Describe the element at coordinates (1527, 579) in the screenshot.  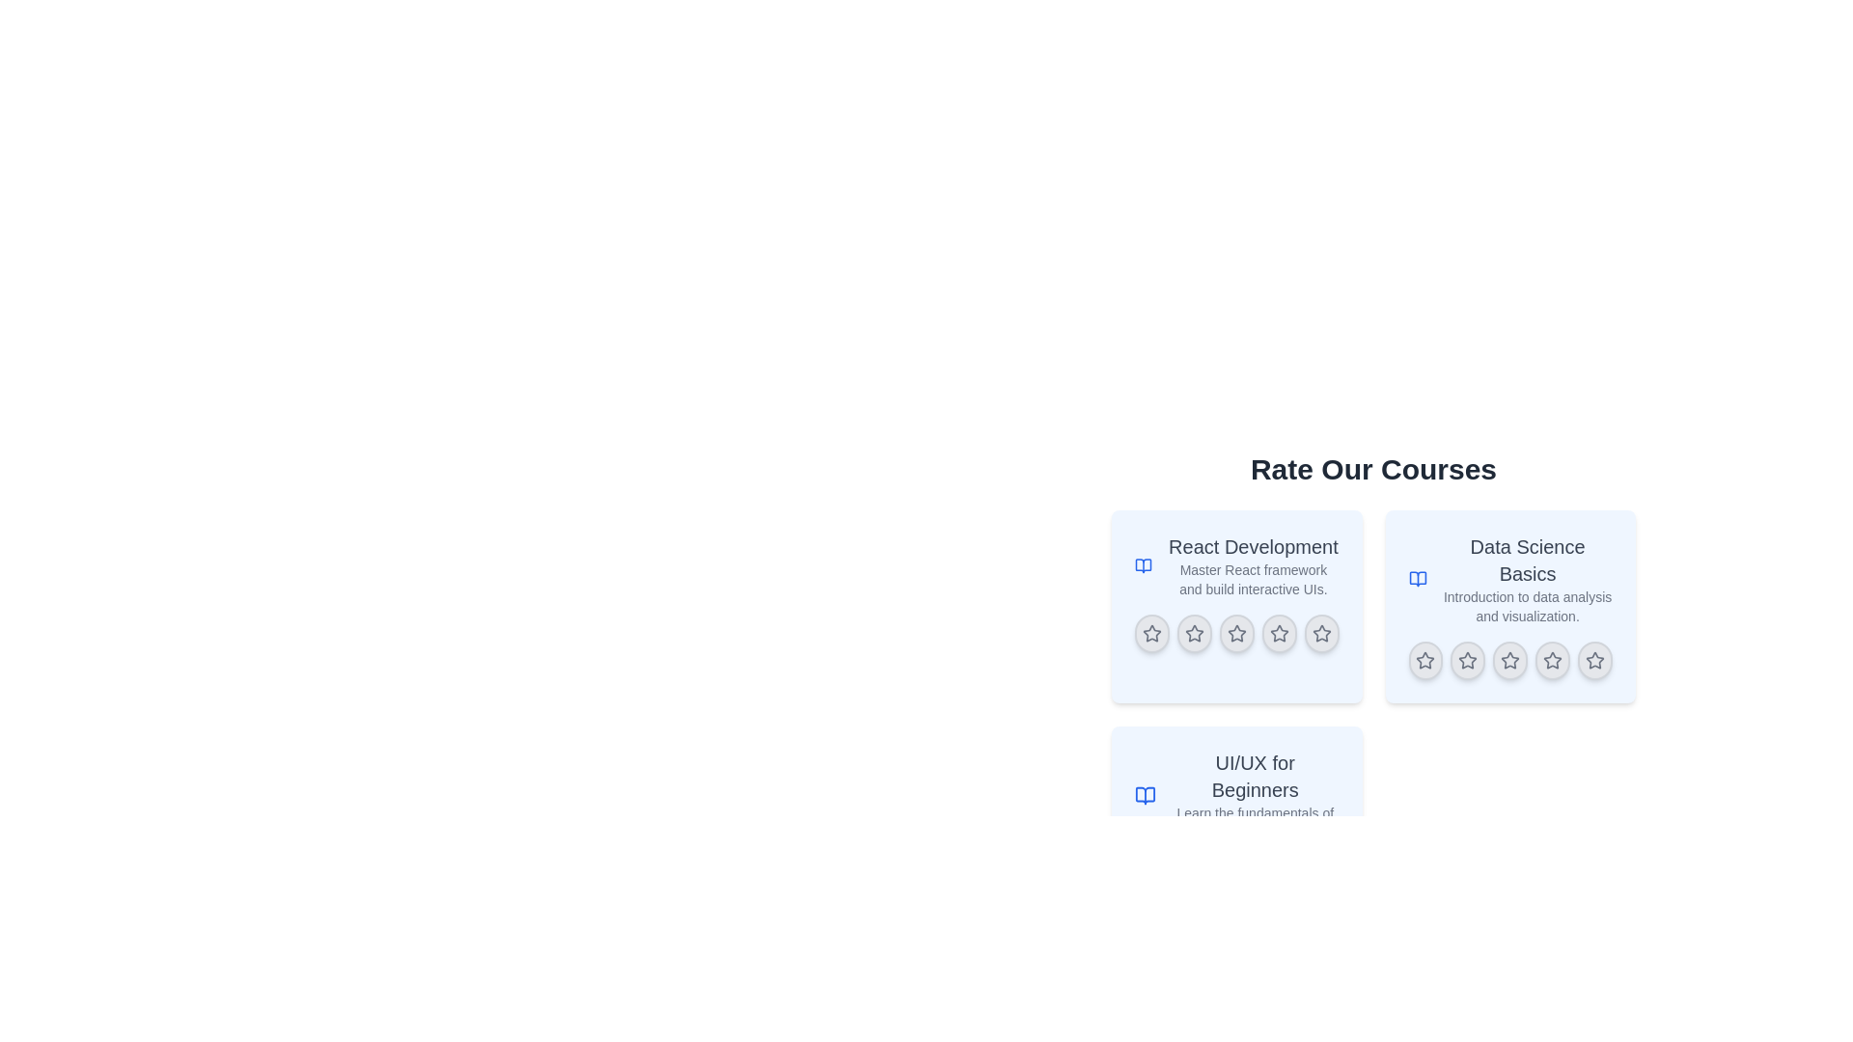
I see `the text content element that serves as a descriptive title and subtitle for a data science basics and data visualization course, located in the second card of the 'Rate Our Courses' section` at that location.